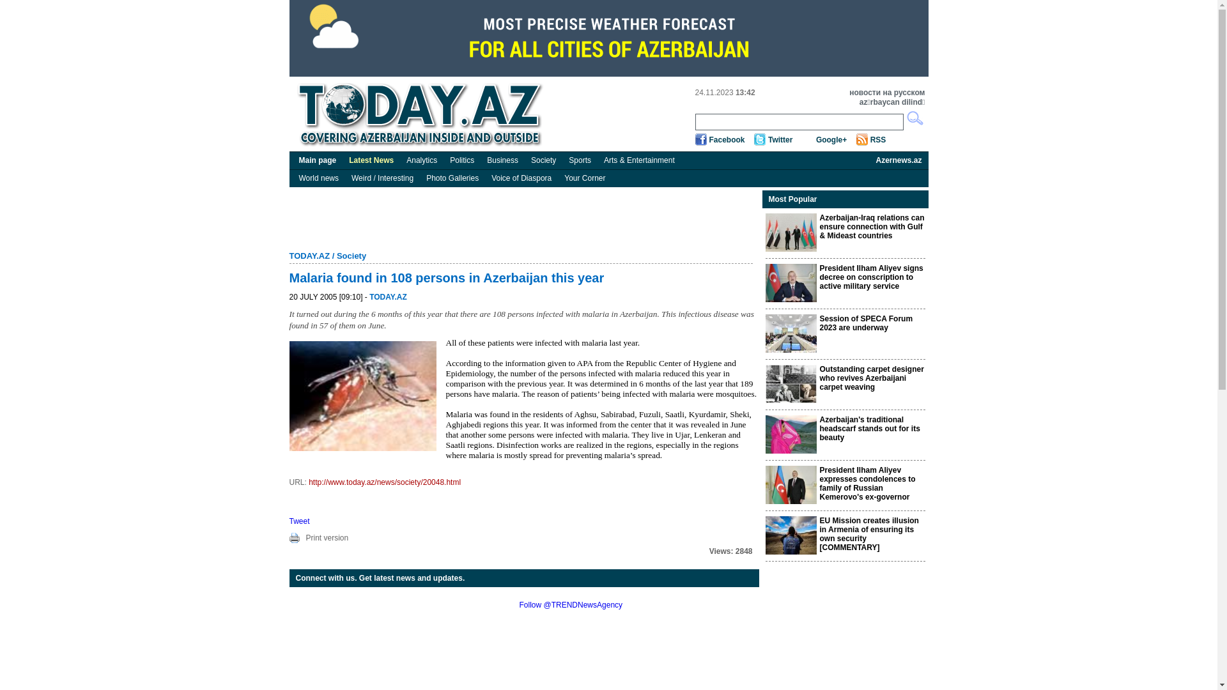 This screenshot has width=1227, height=690. What do you see at coordinates (815, 140) in the screenshot?
I see `'Google+'` at bounding box center [815, 140].